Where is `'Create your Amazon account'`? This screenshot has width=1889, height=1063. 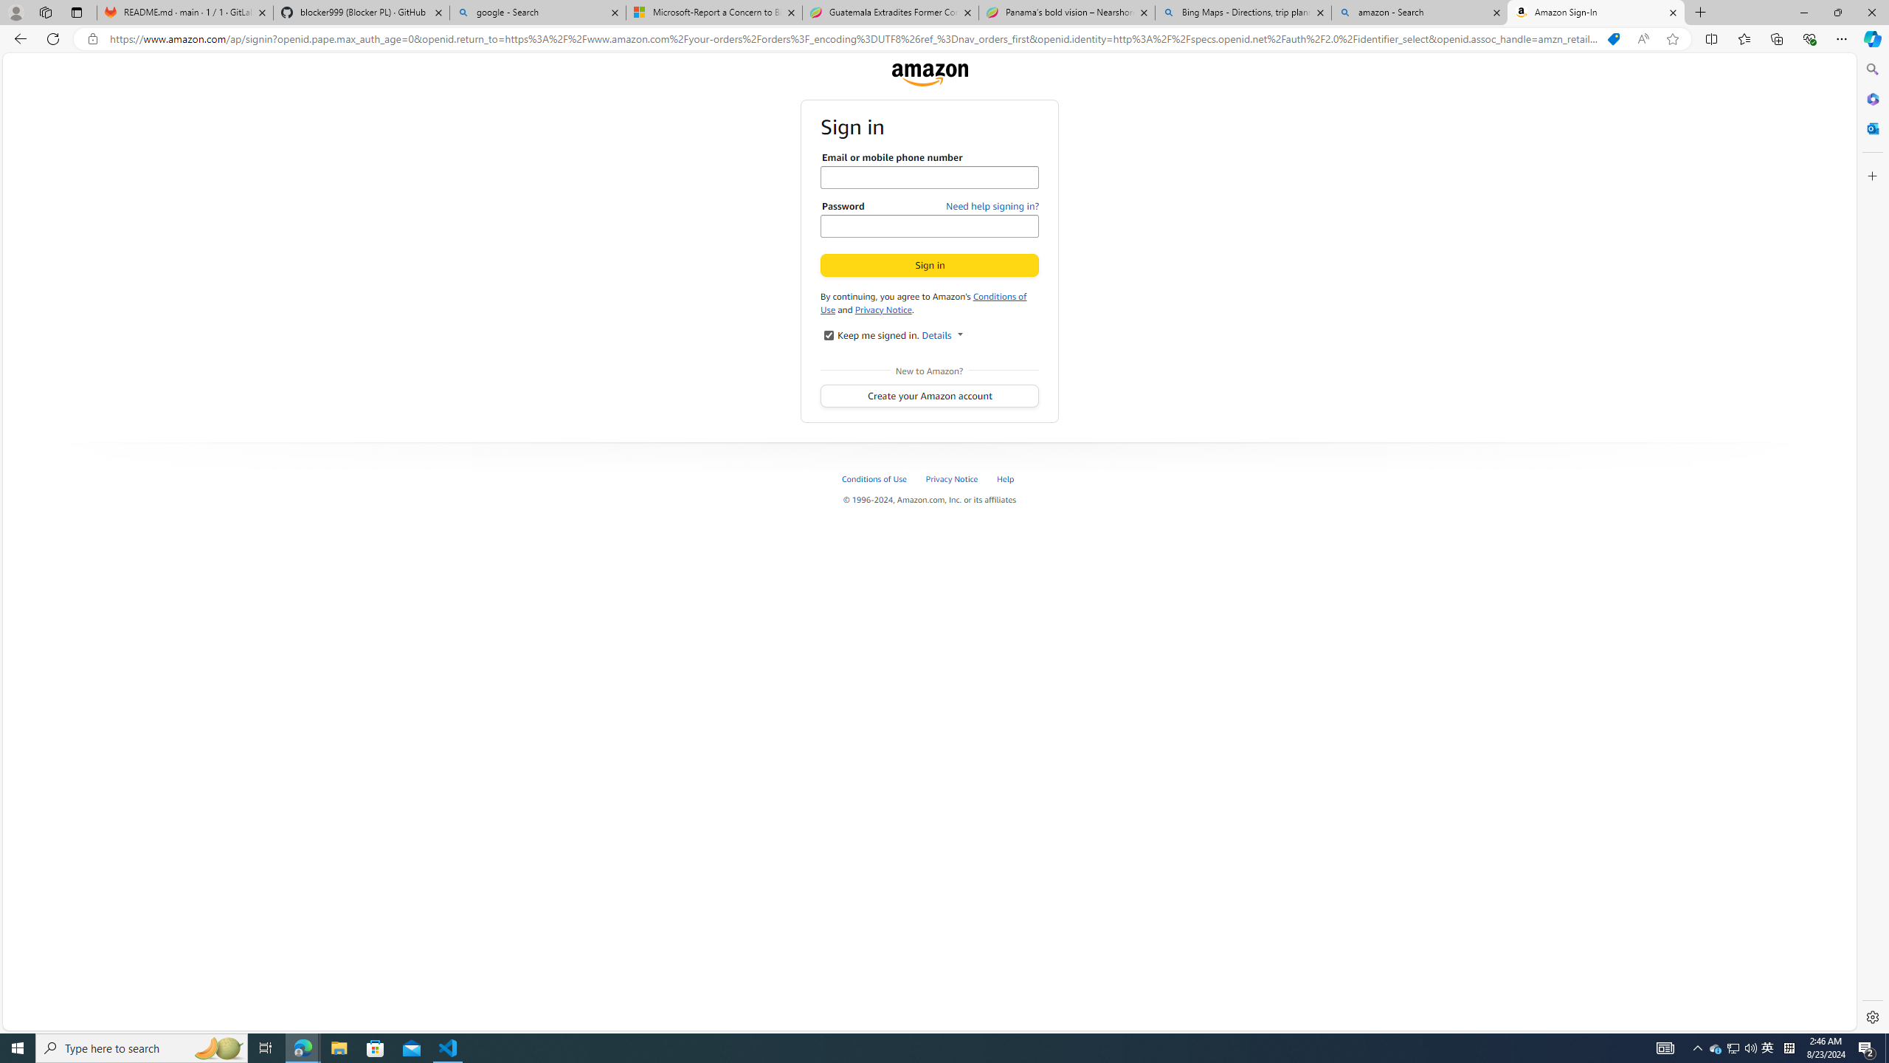
'Create your Amazon account' is located at coordinates (929, 396).